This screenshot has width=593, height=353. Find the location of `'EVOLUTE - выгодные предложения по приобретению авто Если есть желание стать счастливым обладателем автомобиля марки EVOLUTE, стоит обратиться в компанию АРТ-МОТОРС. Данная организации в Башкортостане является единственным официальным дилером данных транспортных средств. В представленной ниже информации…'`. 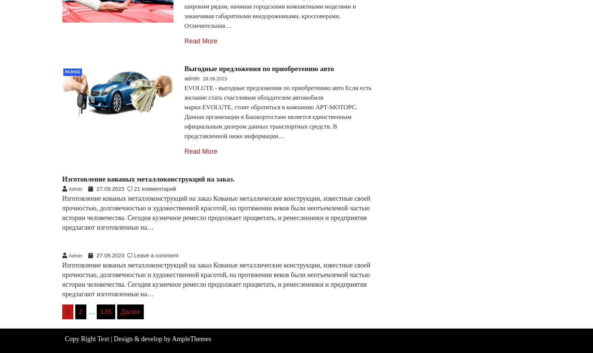

'EVOLUTE - выгодные предложения по приобретению авто Если есть желание стать счастливым обладателем автомобиля марки EVOLUTE, стоит обратиться в компанию АРТ-МОТОРС. Данная организации в Башкортостане является единственным официальным дилером данных транспортных средств. В представленной ниже информации…' is located at coordinates (277, 111).